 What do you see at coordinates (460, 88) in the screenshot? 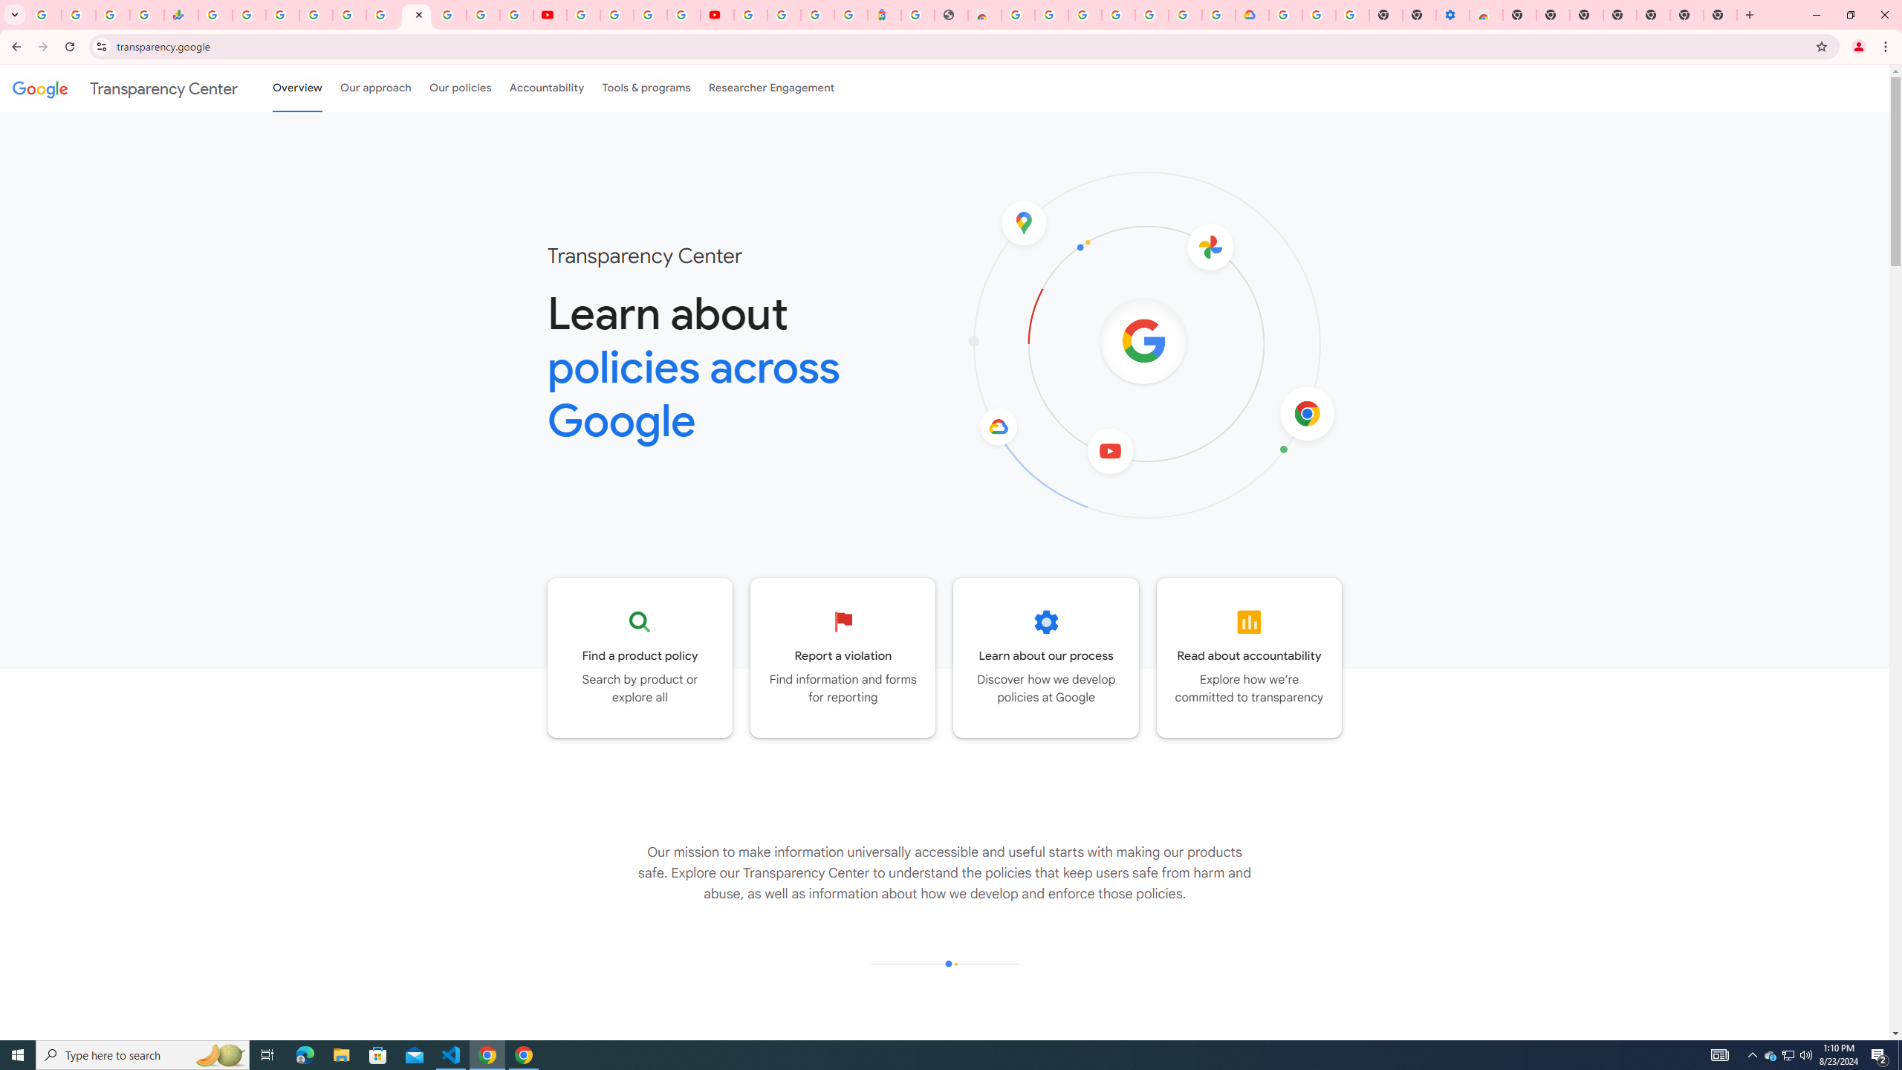
I see `'Our policies'` at bounding box center [460, 88].